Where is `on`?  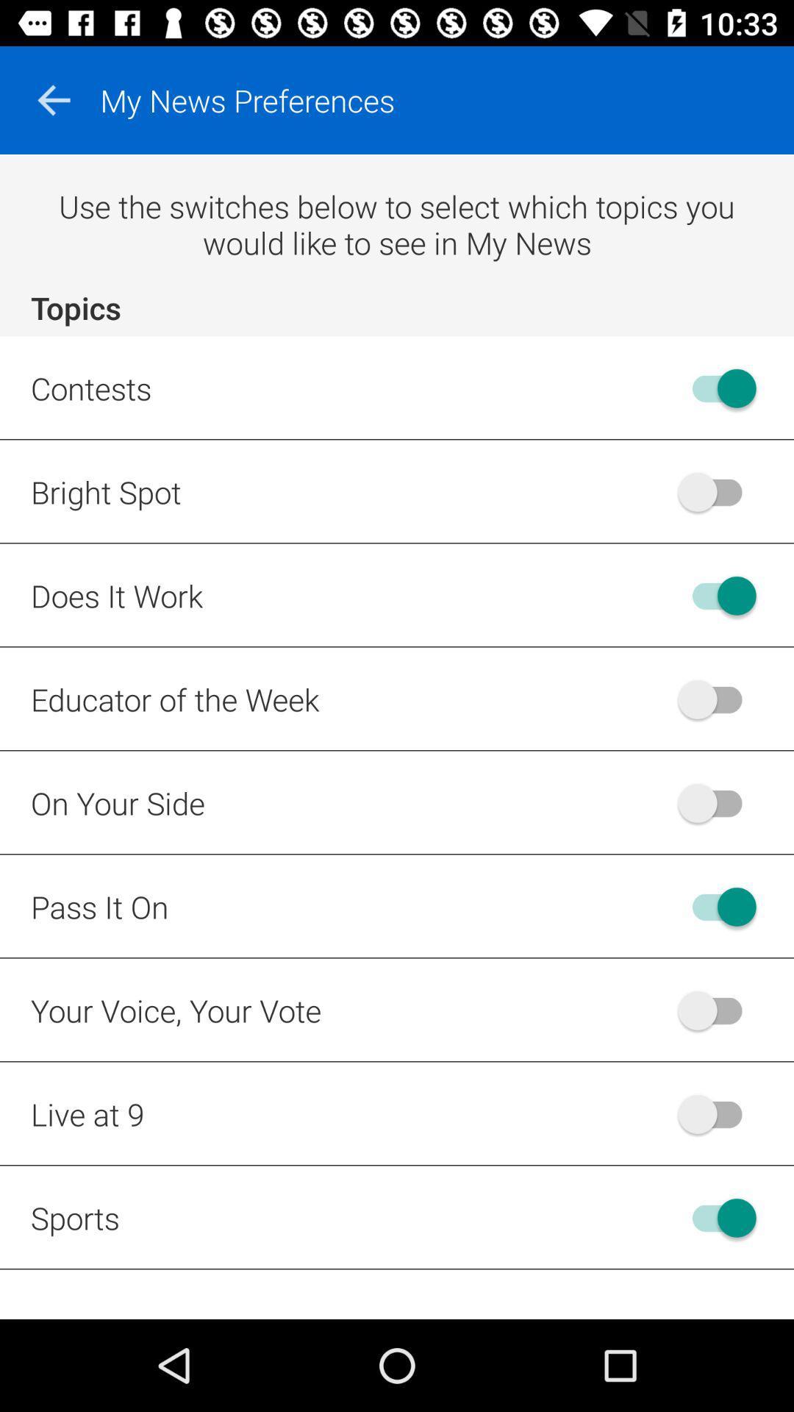 on is located at coordinates (716, 1218).